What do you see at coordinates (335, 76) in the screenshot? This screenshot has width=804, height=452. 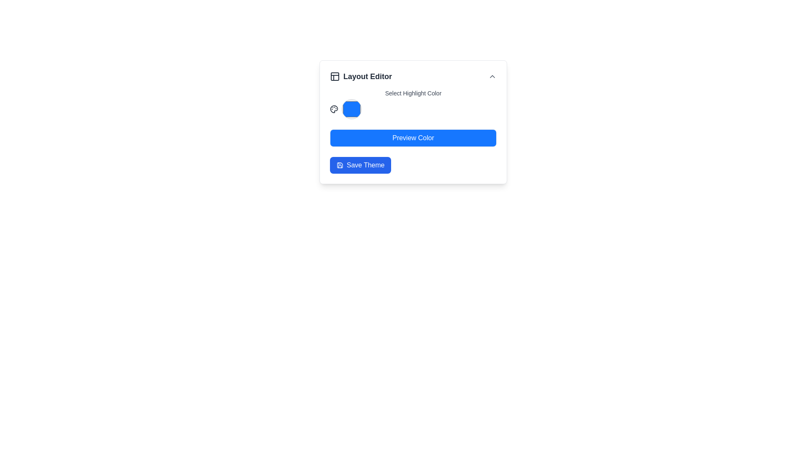 I see `the 24x24 pixel square icon resembling a block diagram located to the left of the text 'Layout Editor' in the header of a card-like interface` at bounding box center [335, 76].